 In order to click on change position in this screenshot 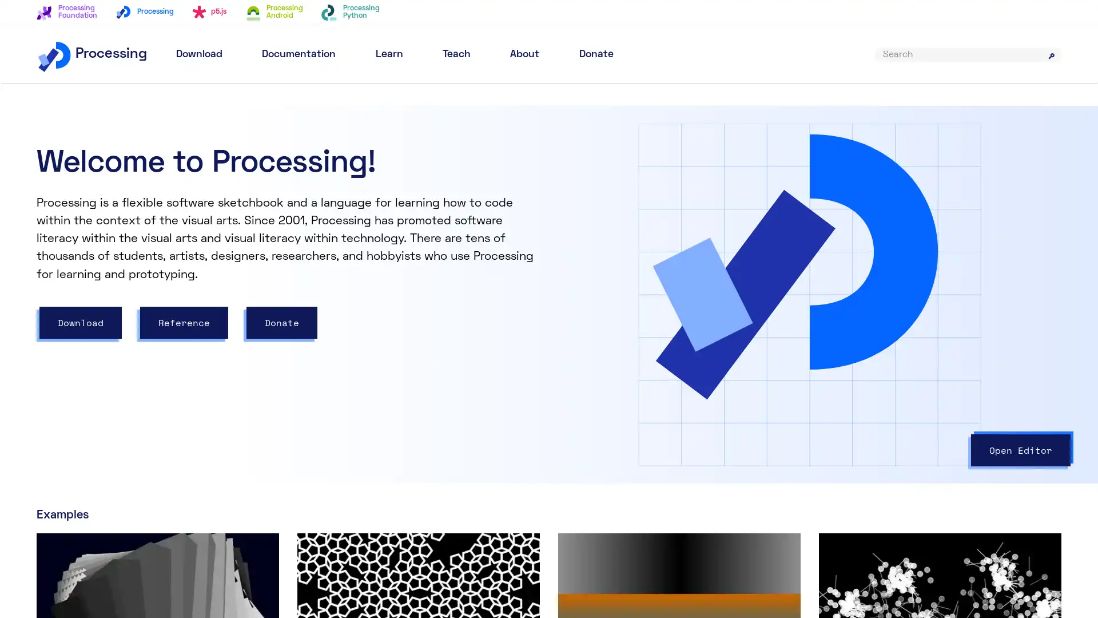, I will do `click(718, 352)`.